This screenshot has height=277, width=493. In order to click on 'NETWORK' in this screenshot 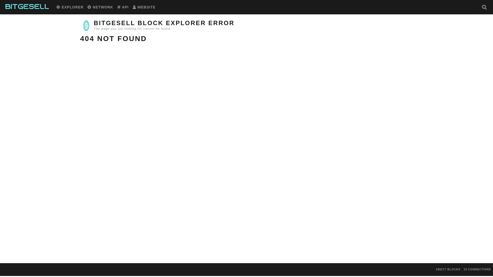, I will do `click(100, 7)`.